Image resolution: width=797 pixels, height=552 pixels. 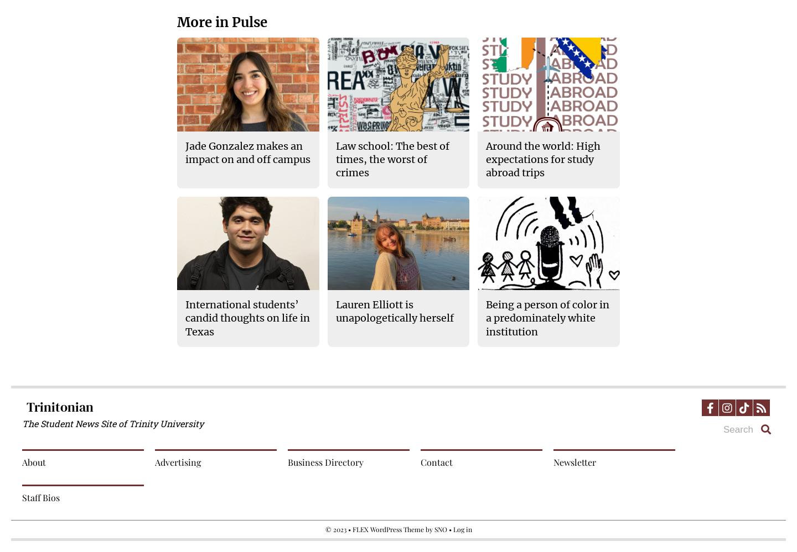 What do you see at coordinates (221, 22) in the screenshot?
I see `'More in Pulse'` at bounding box center [221, 22].